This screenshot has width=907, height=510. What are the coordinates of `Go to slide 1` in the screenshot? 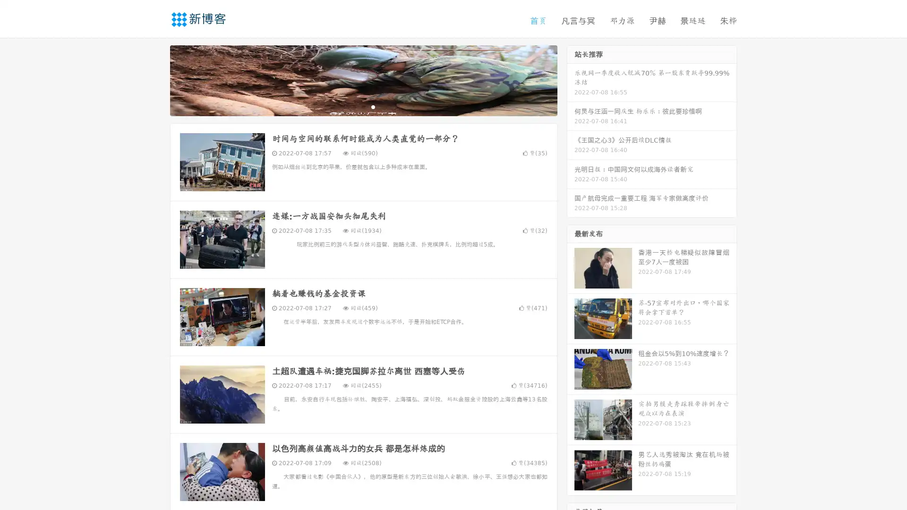 It's located at (353, 106).